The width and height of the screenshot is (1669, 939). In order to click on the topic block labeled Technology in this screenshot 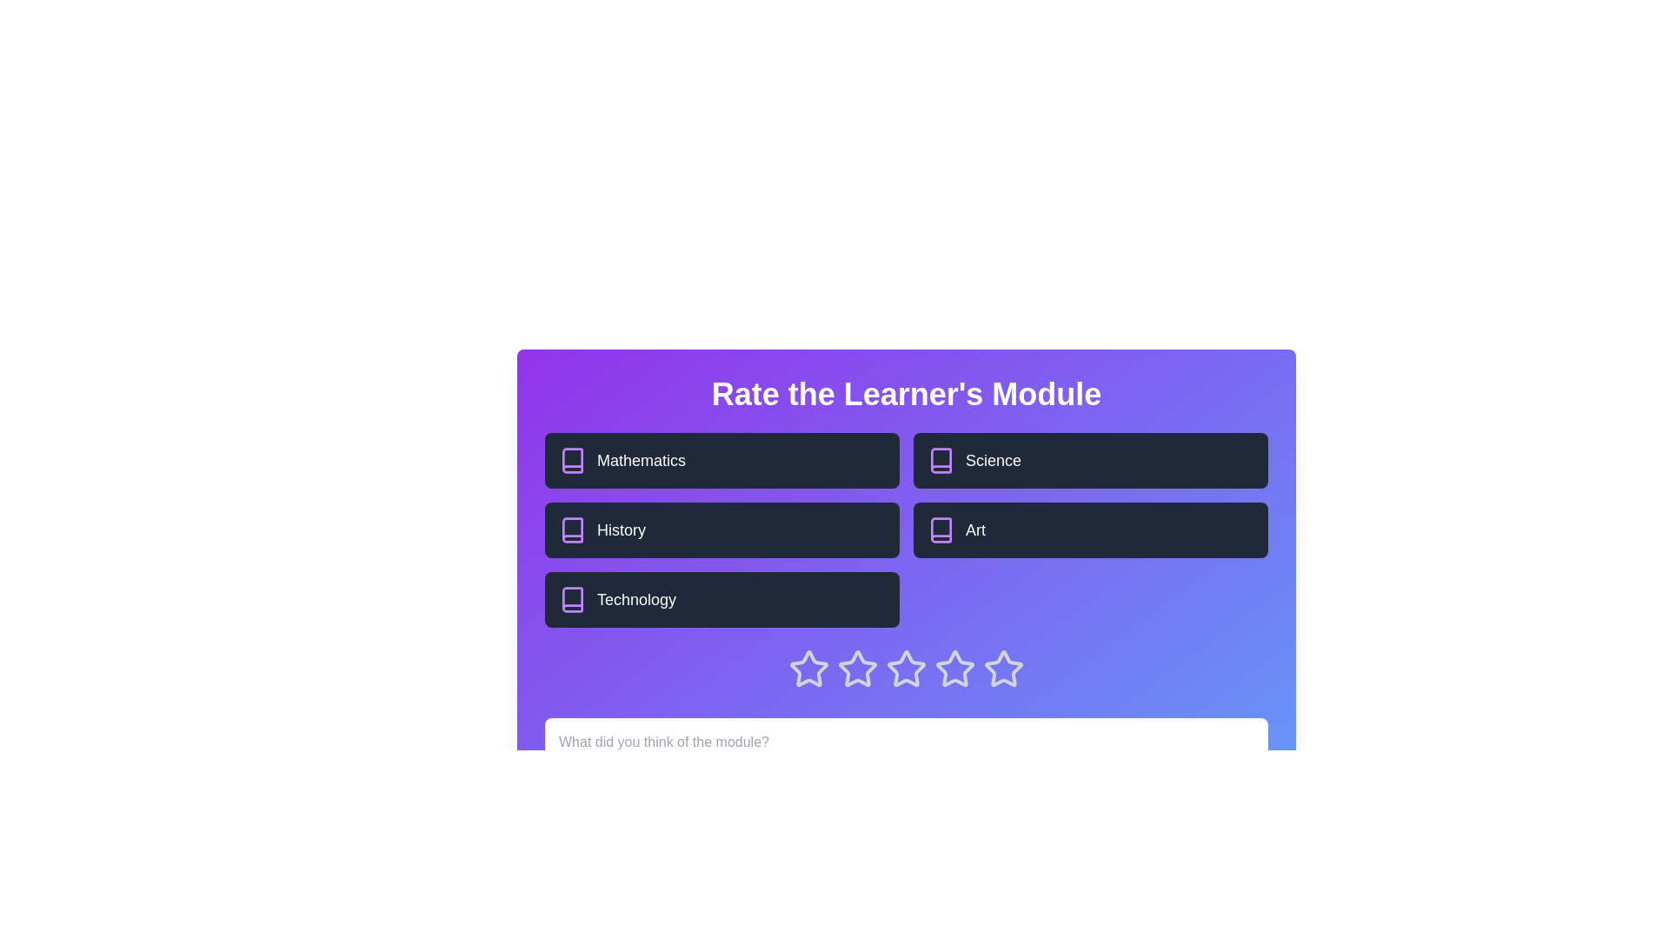, I will do `click(721, 599)`.